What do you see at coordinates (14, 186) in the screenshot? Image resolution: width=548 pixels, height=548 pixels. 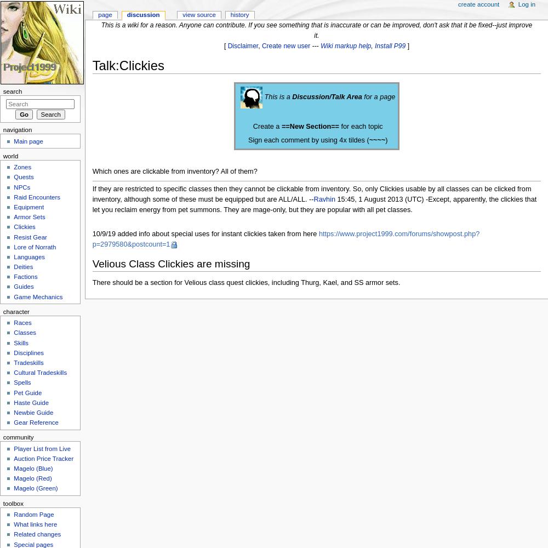 I see `'NPCs'` at bounding box center [14, 186].